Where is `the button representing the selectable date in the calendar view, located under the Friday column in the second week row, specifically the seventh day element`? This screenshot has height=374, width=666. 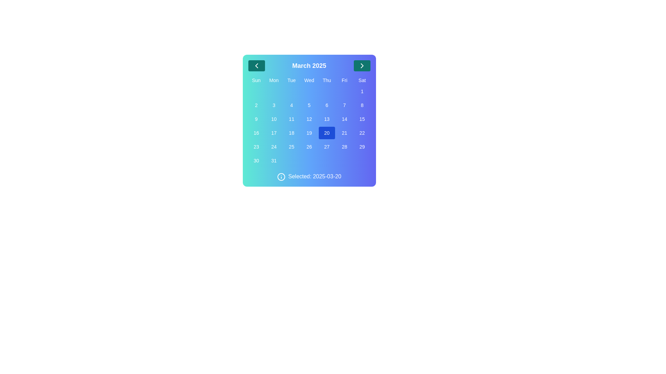 the button representing the selectable date in the calendar view, located under the Friday column in the second week row, specifically the seventh day element is located at coordinates (344, 105).